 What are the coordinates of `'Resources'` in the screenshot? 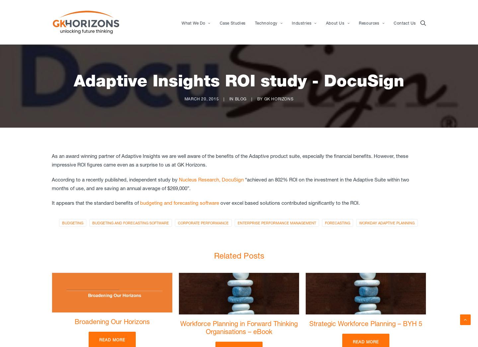 It's located at (368, 23).